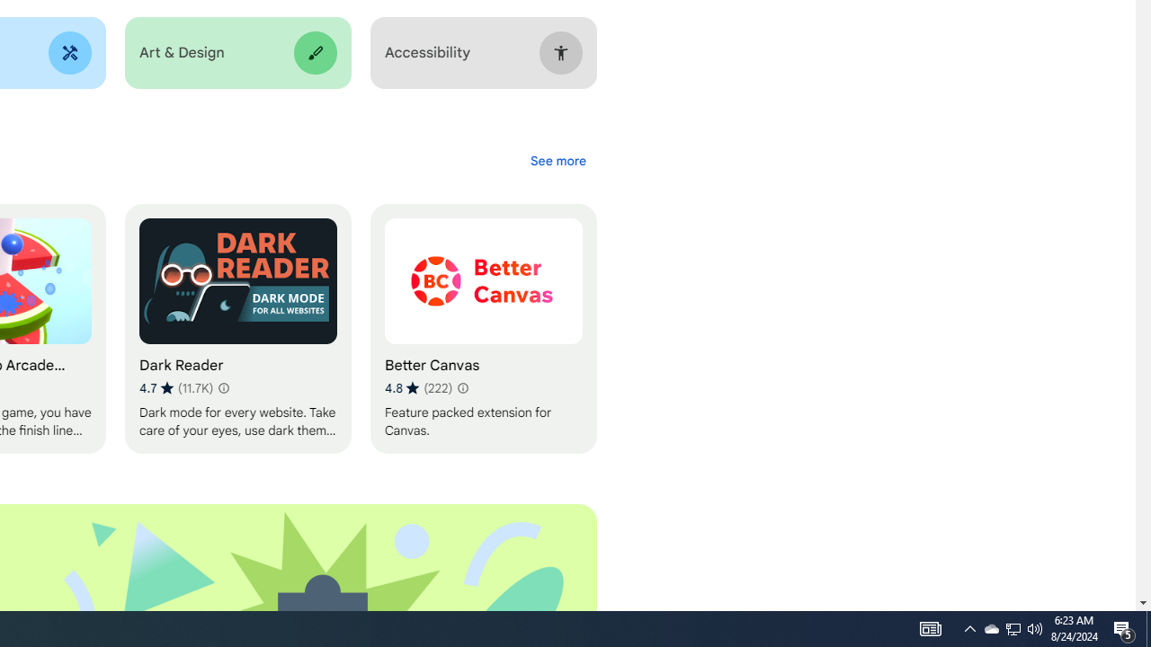 The image size is (1151, 647). I want to click on 'See more personalized recommendations', so click(557, 160).